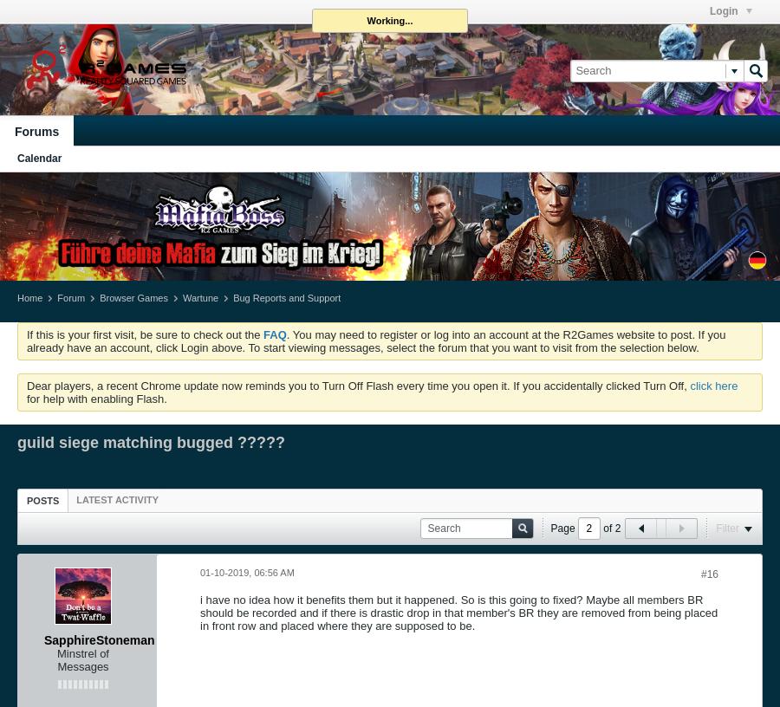  I want to click on 'Filter', so click(716, 527).